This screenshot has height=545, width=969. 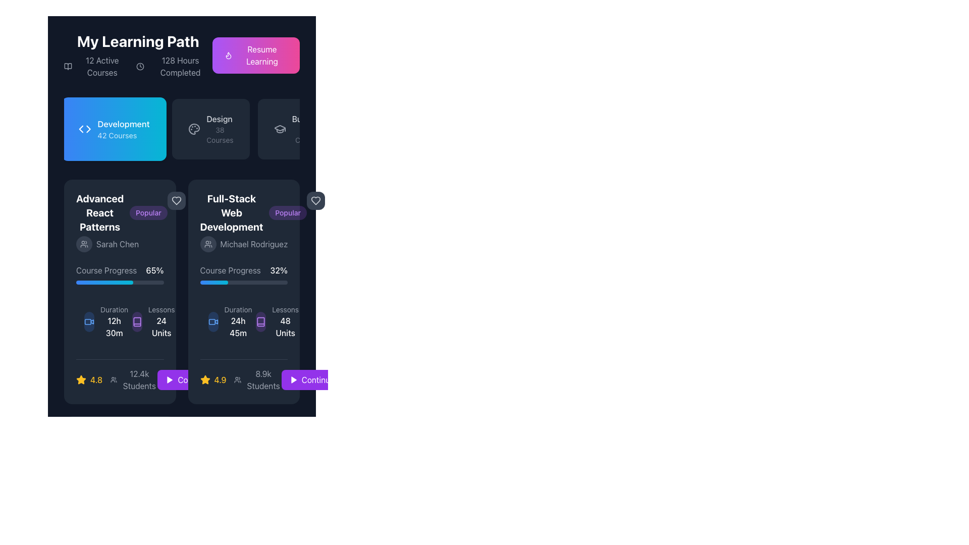 What do you see at coordinates (143, 321) in the screenshot?
I see `information displayed in the Information display component that shows '24 Units' about the lessons included in the course` at bounding box center [143, 321].